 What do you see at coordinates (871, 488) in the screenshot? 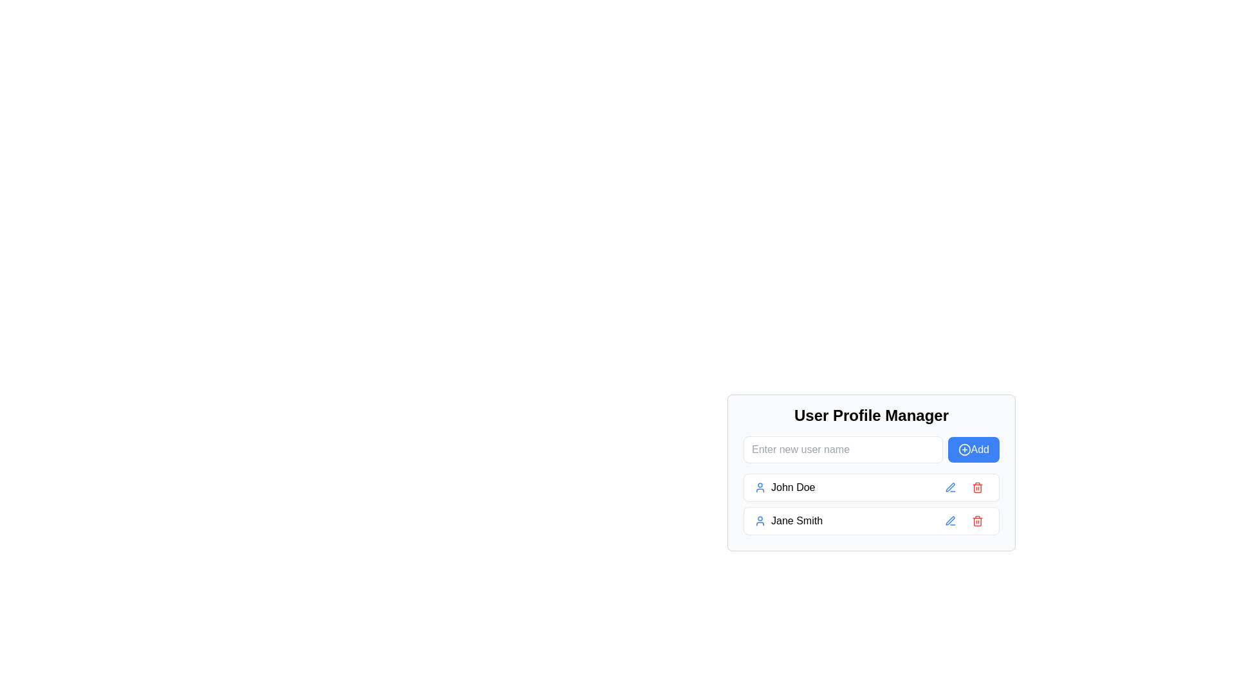
I see `the list entry element representing the user profile 'John Doe', which is the first item in the user profiles list` at bounding box center [871, 488].